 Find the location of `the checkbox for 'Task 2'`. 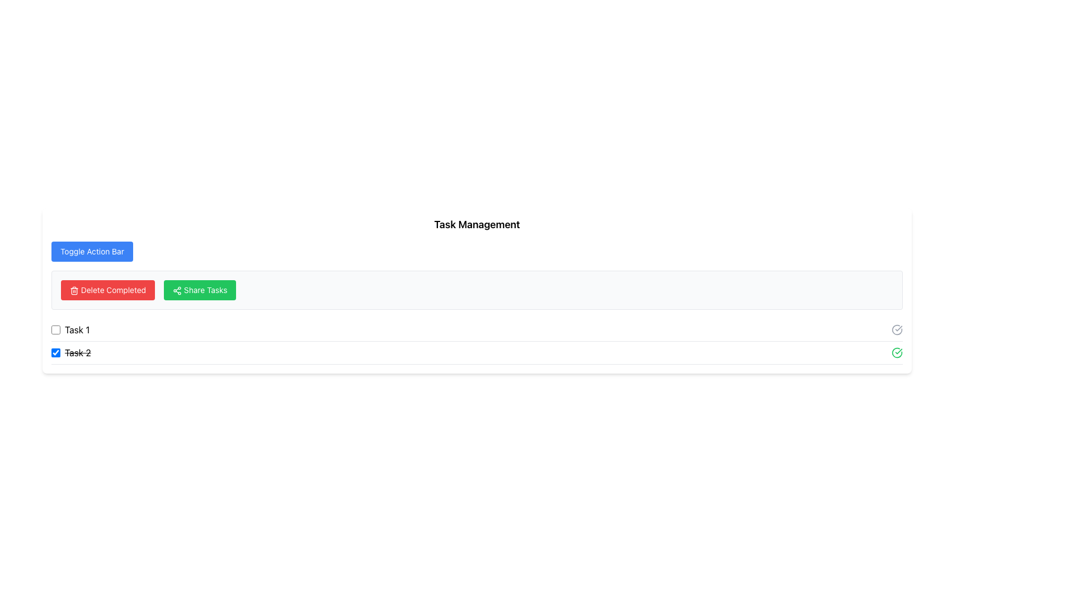

the checkbox for 'Task 2' is located at coordinates (55, 353).